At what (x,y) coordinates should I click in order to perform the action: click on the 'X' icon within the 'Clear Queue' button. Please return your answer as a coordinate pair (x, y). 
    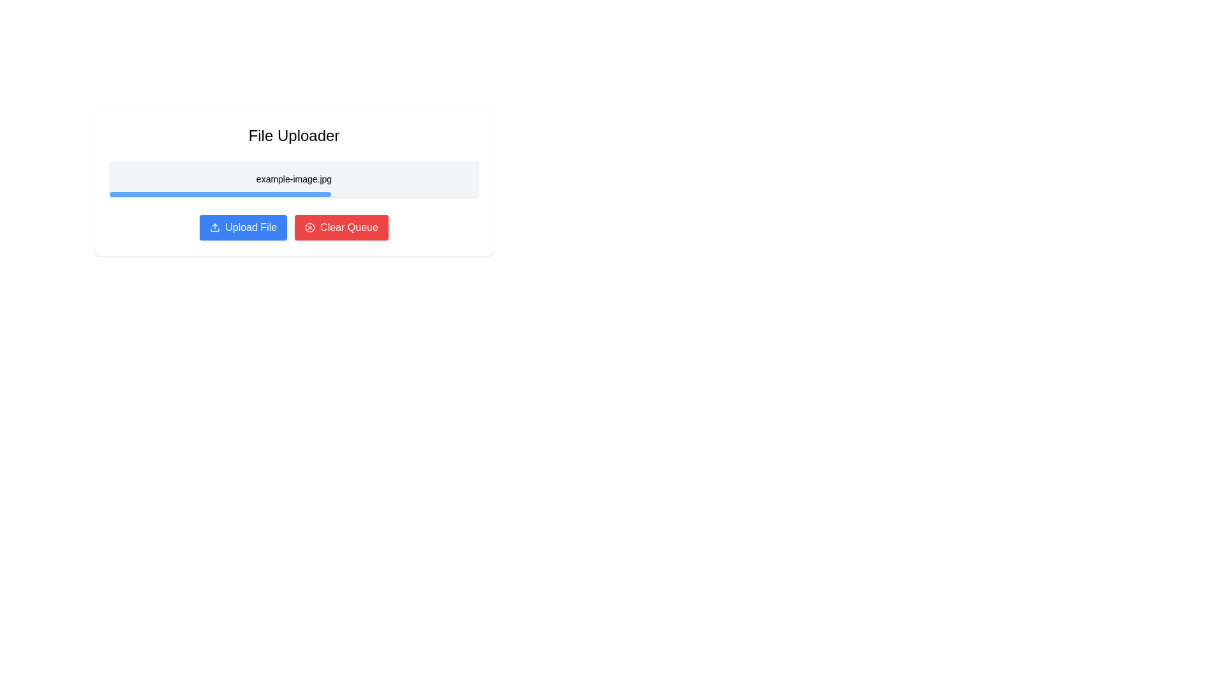
    Looking at the image, I should click on (310, 227).